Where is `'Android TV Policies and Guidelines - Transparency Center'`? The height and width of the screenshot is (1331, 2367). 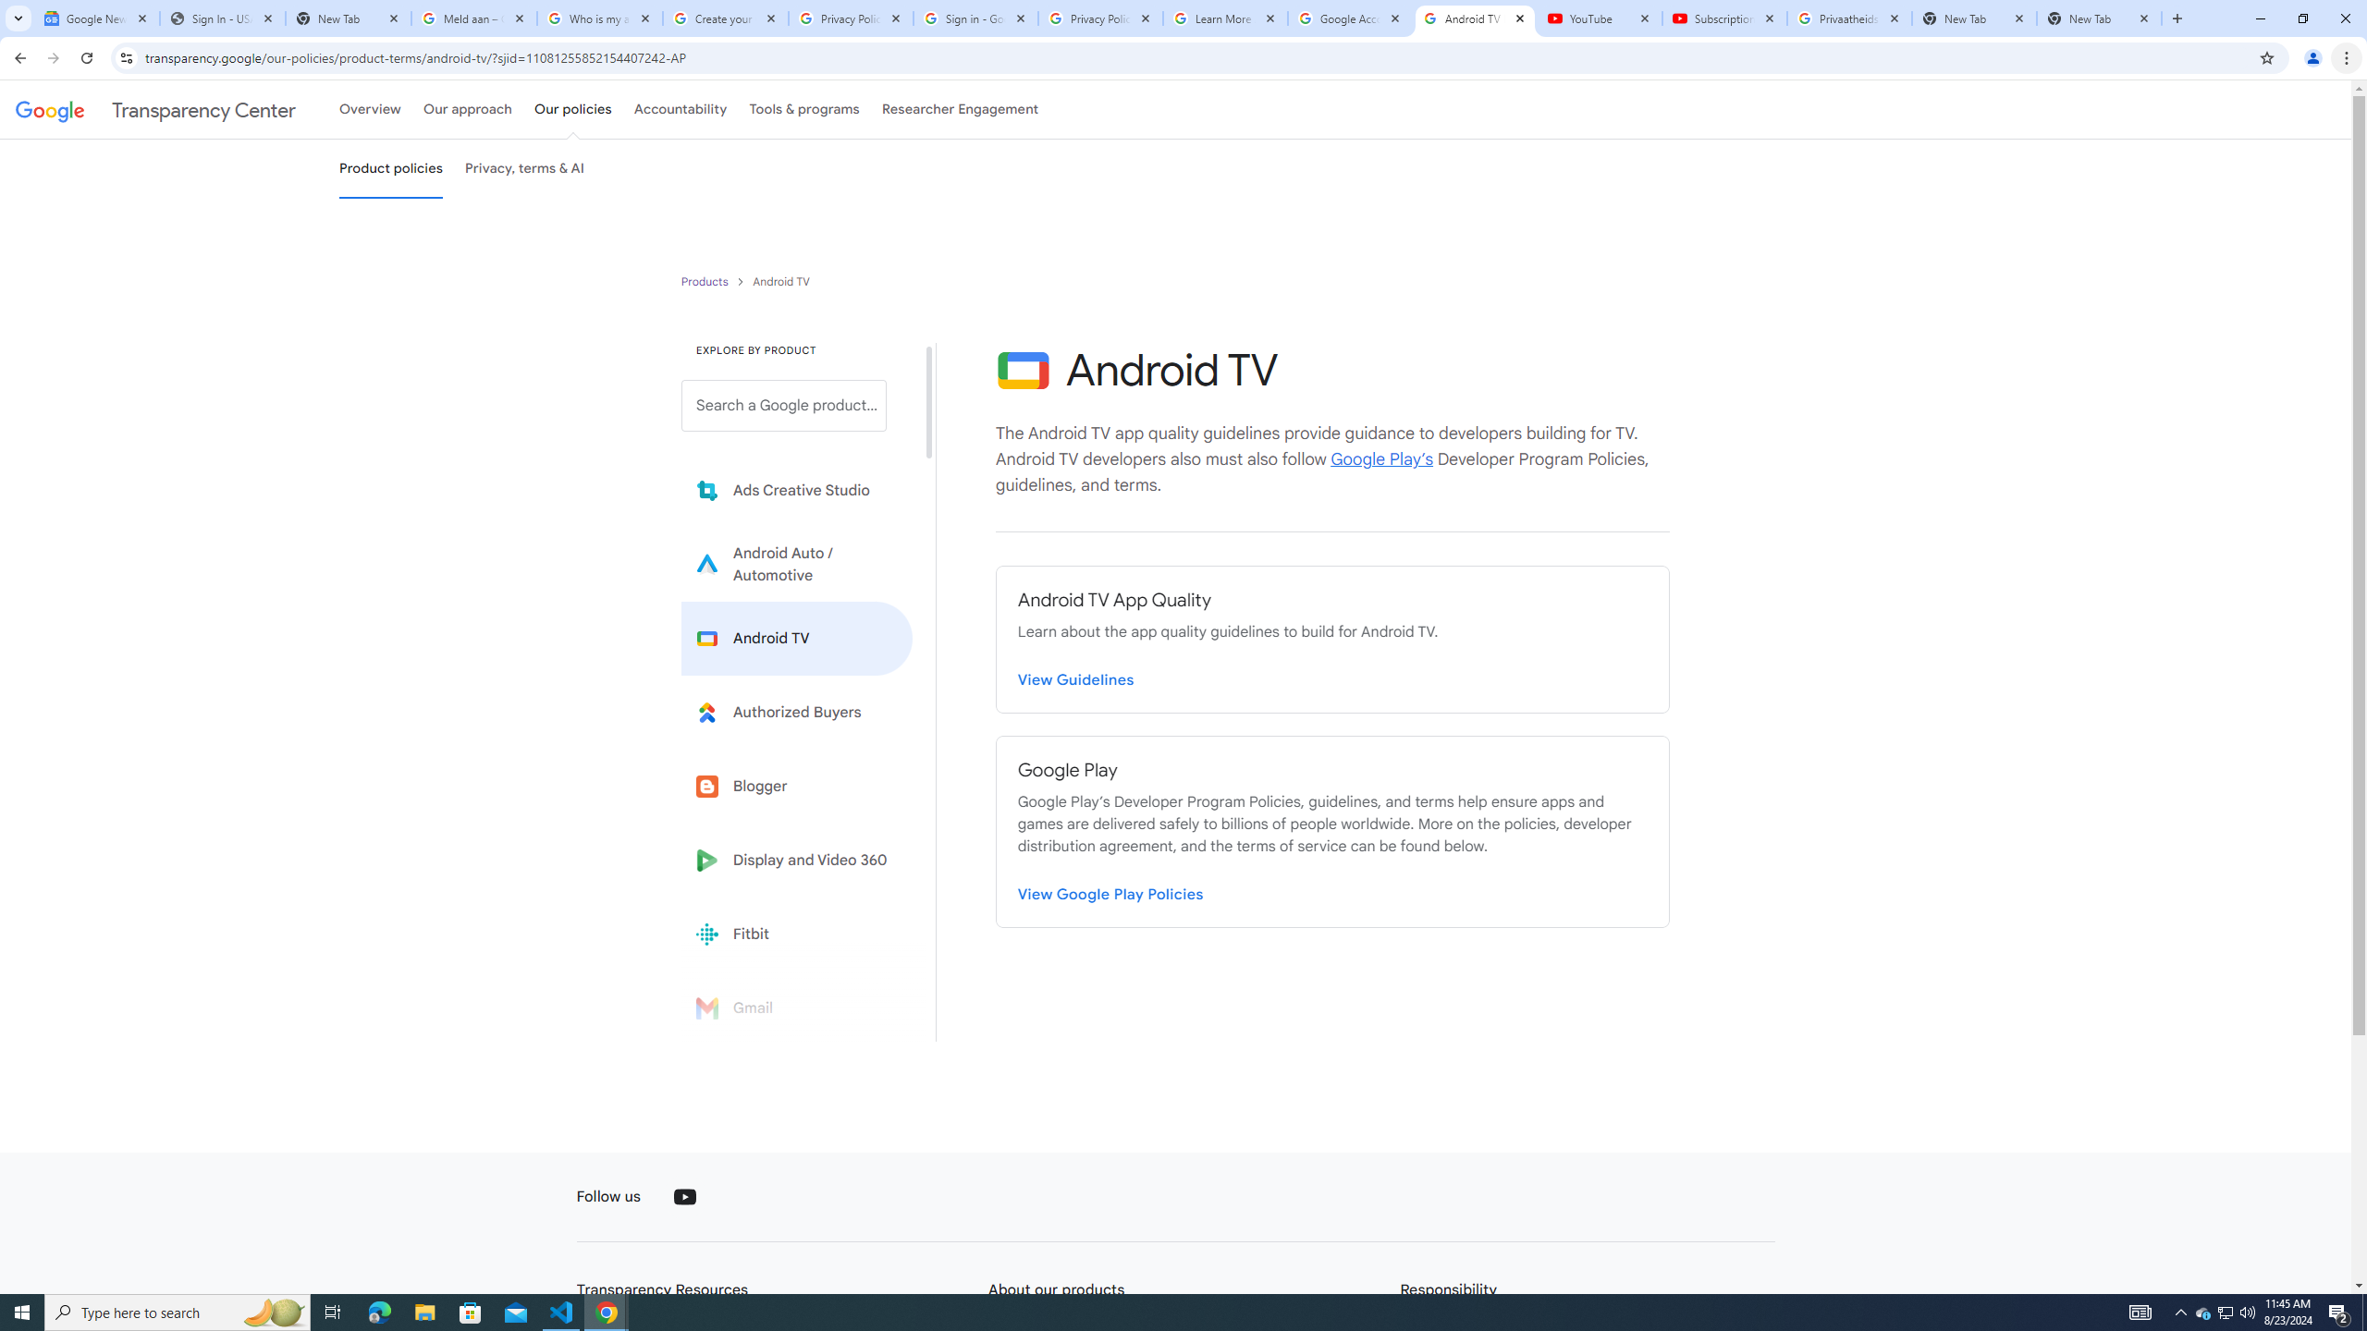
'Android TV Policies and Guidelines - Transparency Center' is located at coordinates (1473, 18).